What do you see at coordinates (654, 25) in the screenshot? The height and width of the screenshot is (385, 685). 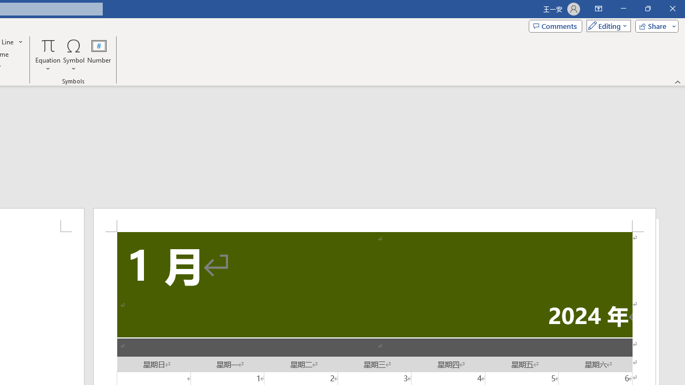 I see `'Share'` at bounding box center [654, 25].